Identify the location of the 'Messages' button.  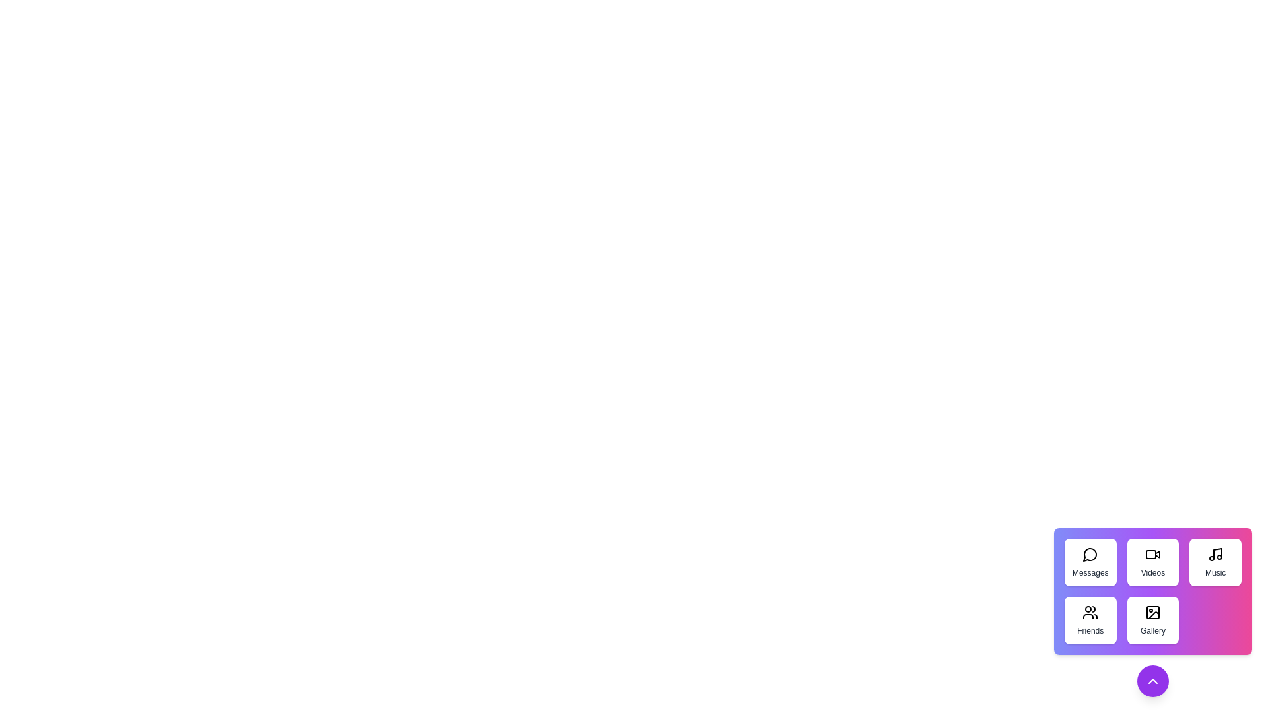
(1090, 562).